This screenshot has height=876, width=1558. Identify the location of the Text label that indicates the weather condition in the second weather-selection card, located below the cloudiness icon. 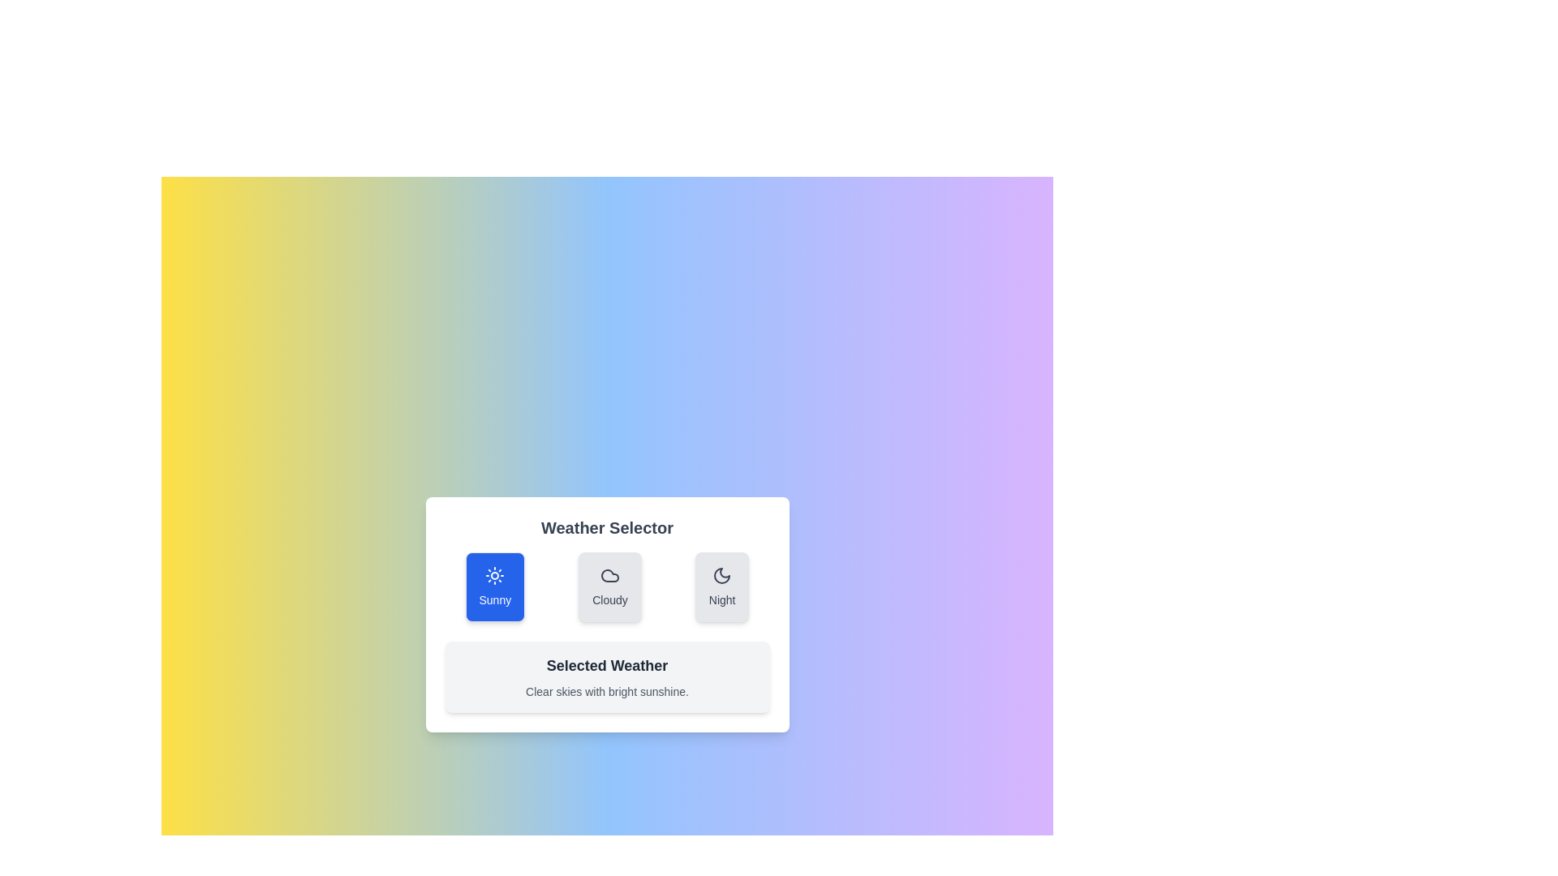
(609, 600).